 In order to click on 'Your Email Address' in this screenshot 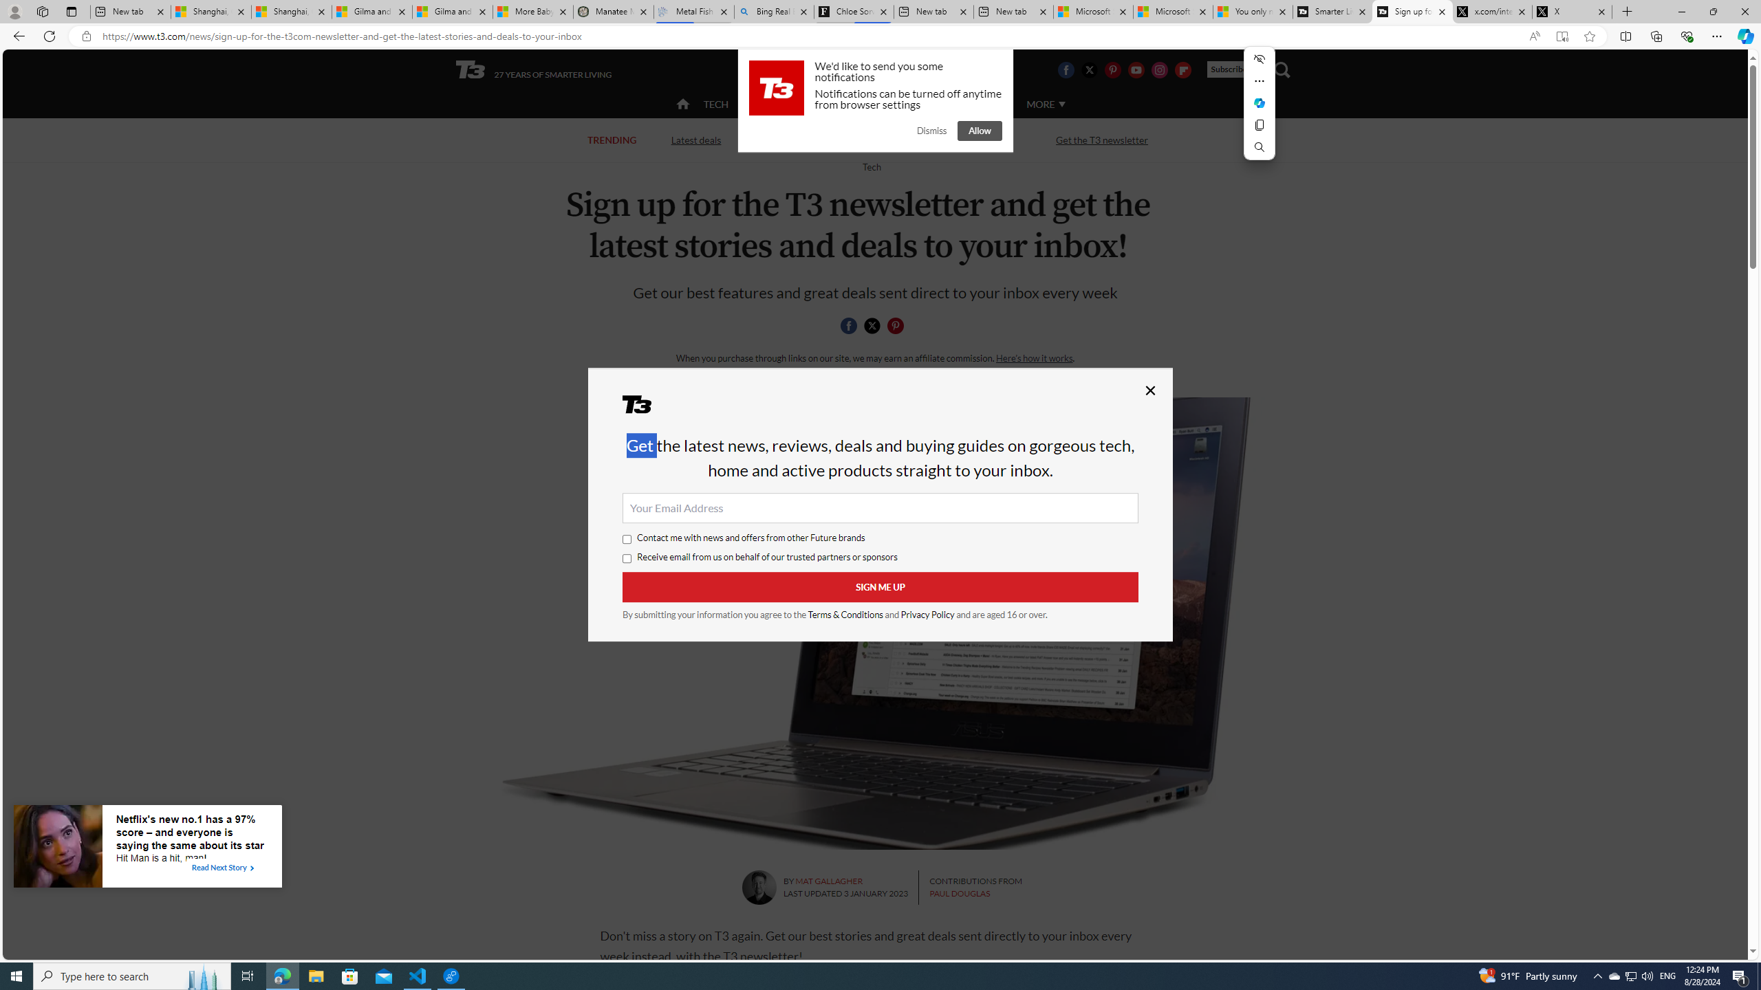, I will do `click(880, 508)`.